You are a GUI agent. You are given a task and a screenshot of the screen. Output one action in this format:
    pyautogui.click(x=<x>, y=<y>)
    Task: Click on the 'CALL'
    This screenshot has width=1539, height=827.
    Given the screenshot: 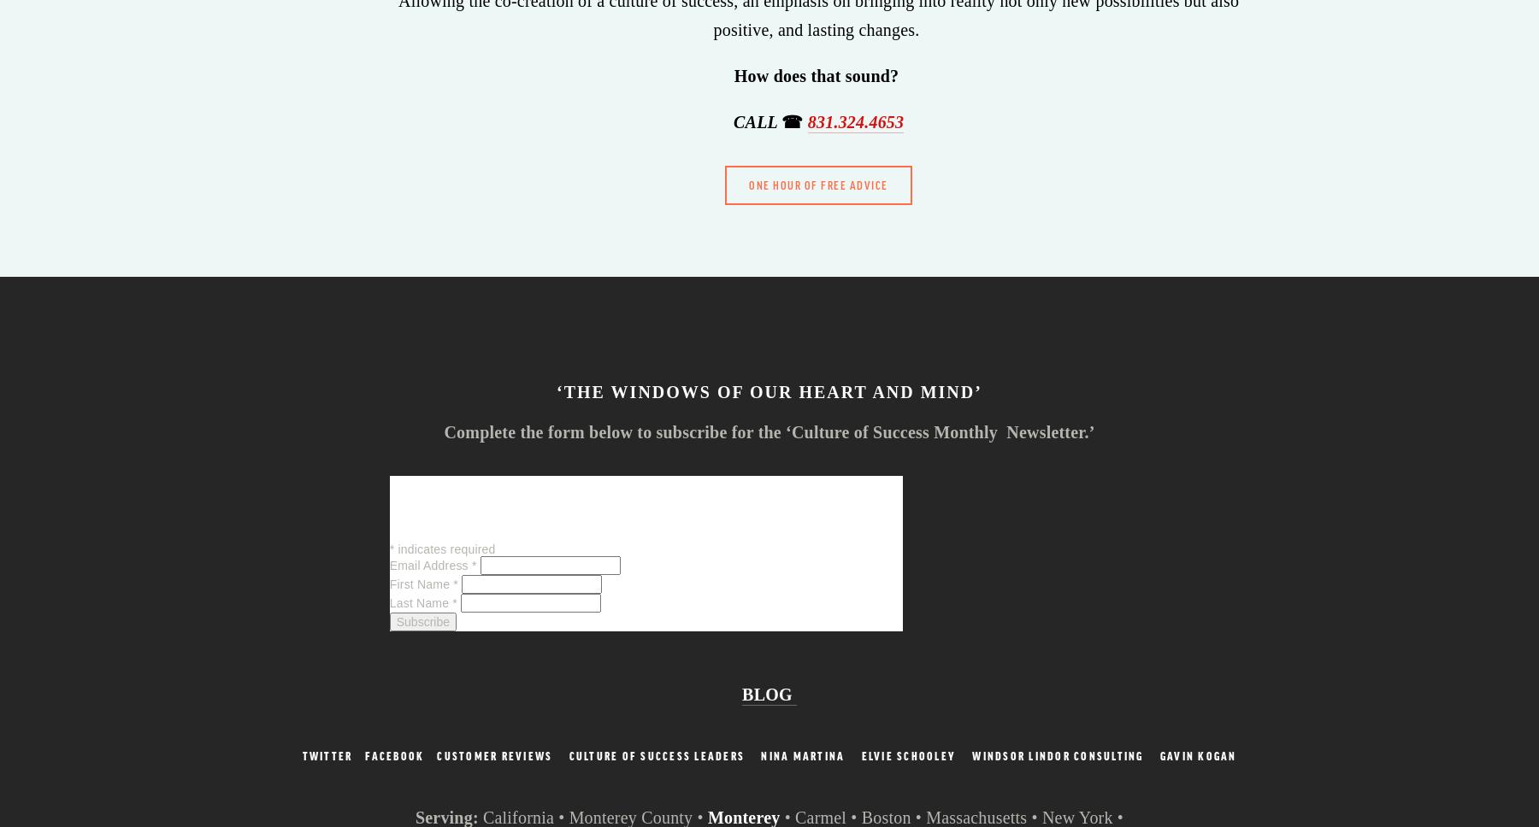 What is the action you would take?
    pyautogui.click(x=757, y=120)
    